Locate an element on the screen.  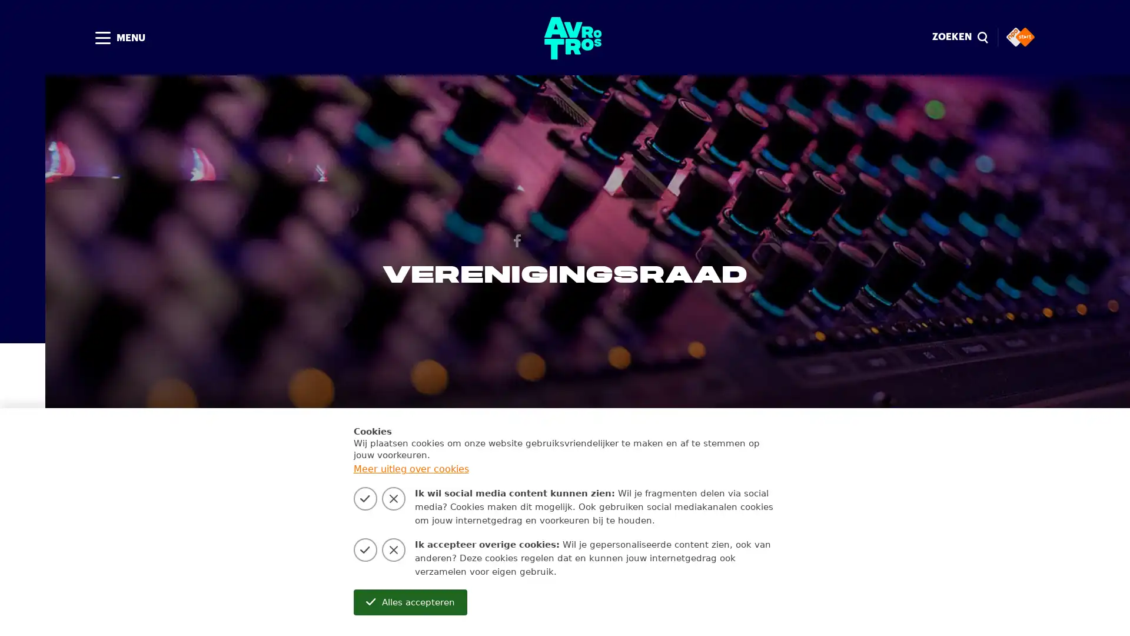
Alles accepteren is located at coordinates (410, 602).